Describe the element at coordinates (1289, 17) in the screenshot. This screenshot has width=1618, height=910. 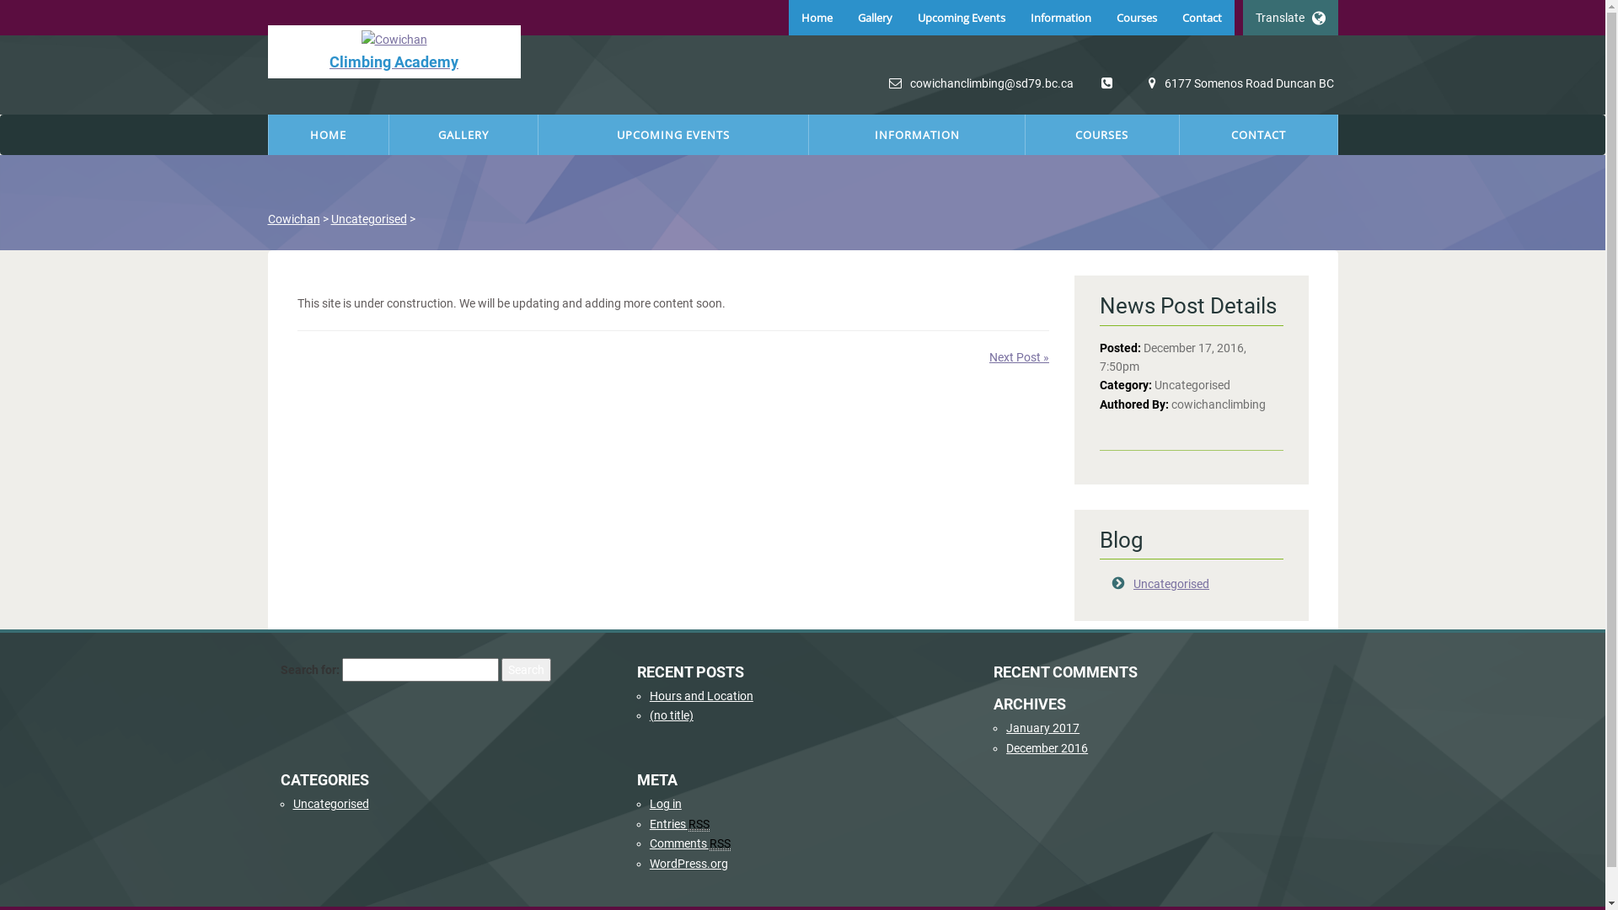
I see `'Translate  '` at that location.